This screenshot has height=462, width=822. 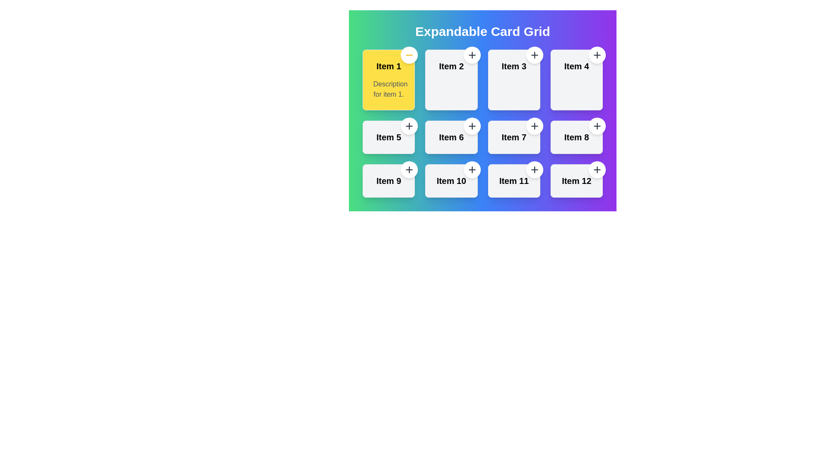 I want to click on the button located at the top right of the 'Item 11' card to activate visual effects, so click(x=534, y=170).